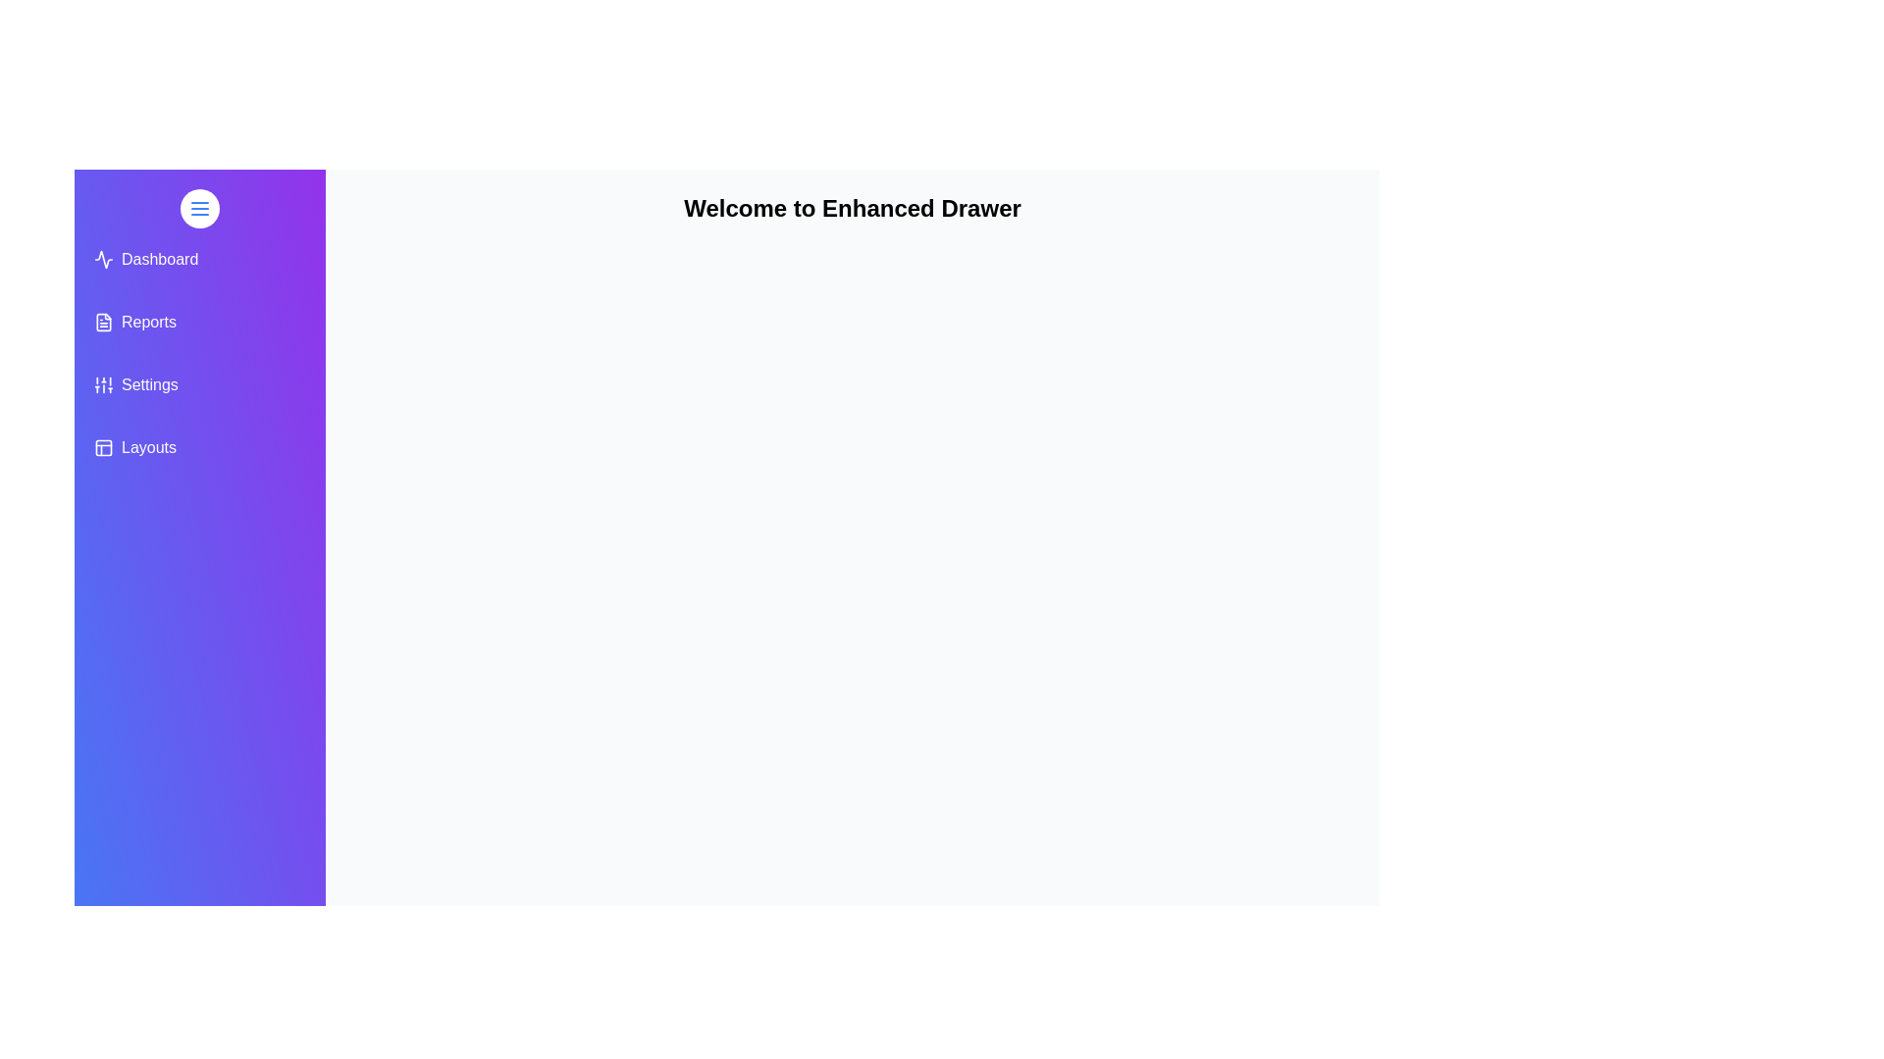 The height and width of the screenshot is (1059, 1884). I want to click on the menu item Layouts from the drawer, so click(199, 447).